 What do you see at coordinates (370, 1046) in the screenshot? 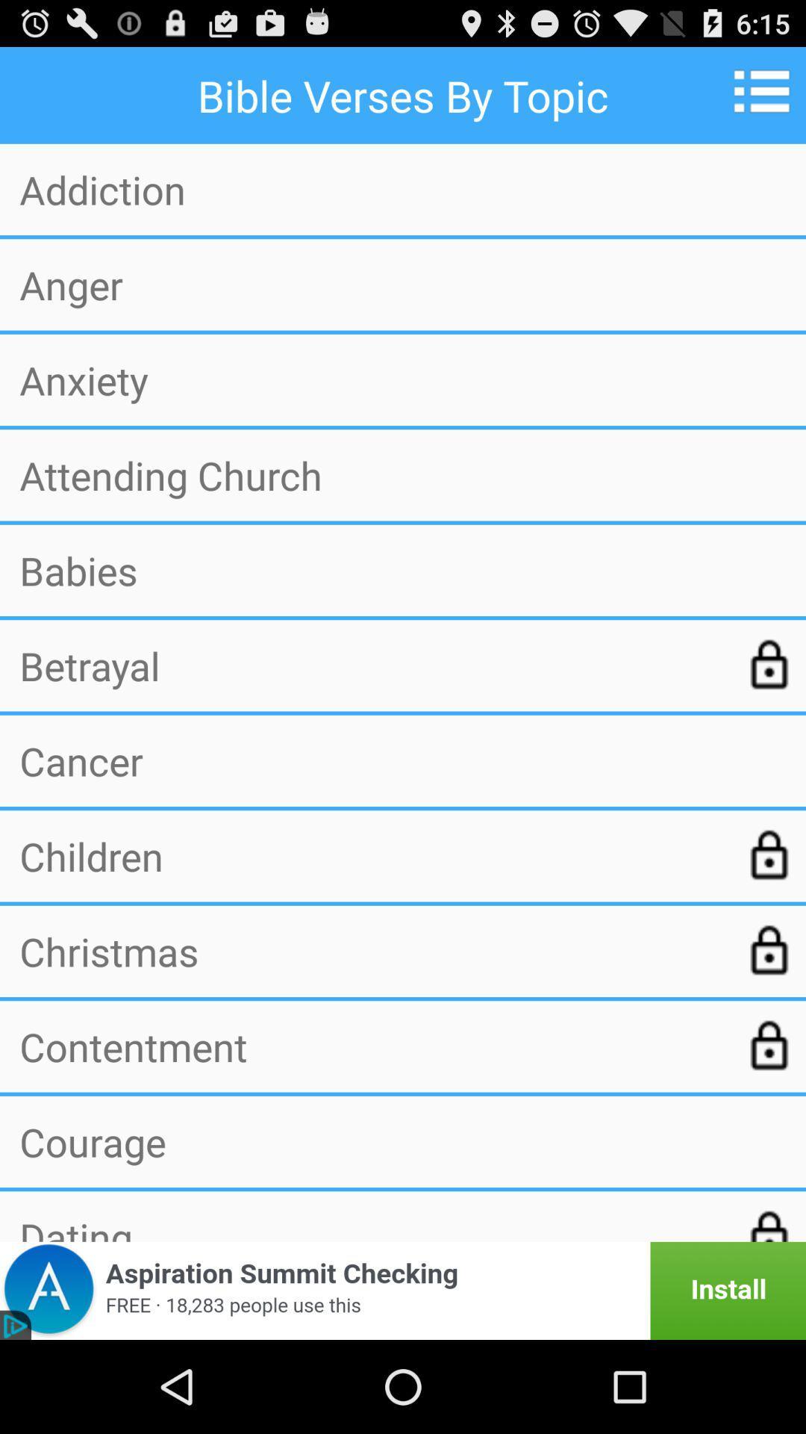
I see `item below christmas icon` at bounding box center [370, 1046].